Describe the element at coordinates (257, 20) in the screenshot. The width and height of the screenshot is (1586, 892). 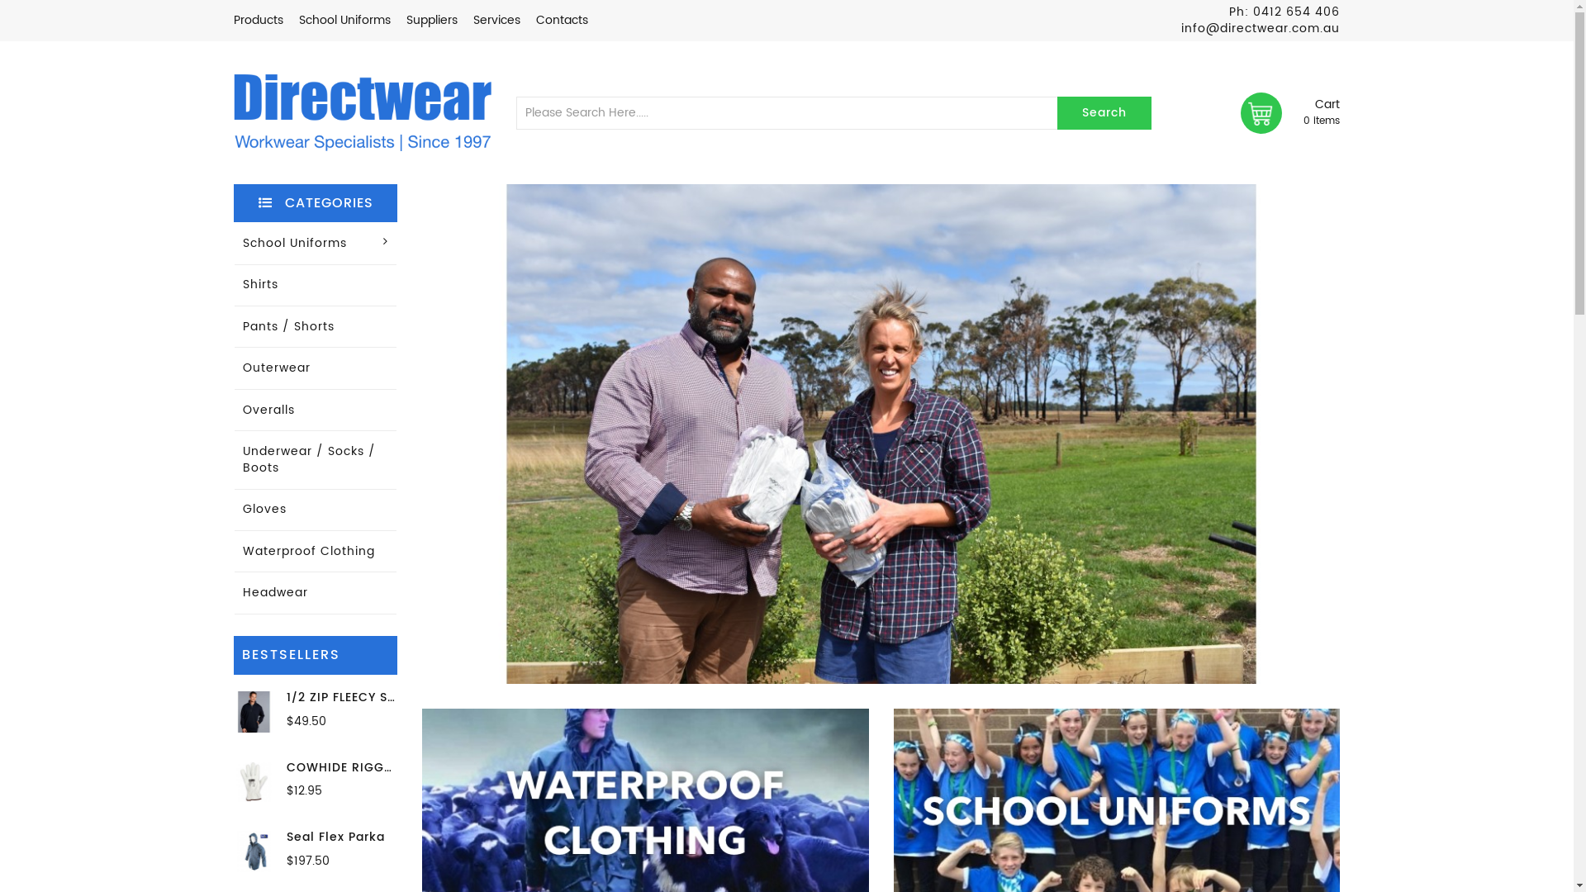
I see `'Products'` at that location.